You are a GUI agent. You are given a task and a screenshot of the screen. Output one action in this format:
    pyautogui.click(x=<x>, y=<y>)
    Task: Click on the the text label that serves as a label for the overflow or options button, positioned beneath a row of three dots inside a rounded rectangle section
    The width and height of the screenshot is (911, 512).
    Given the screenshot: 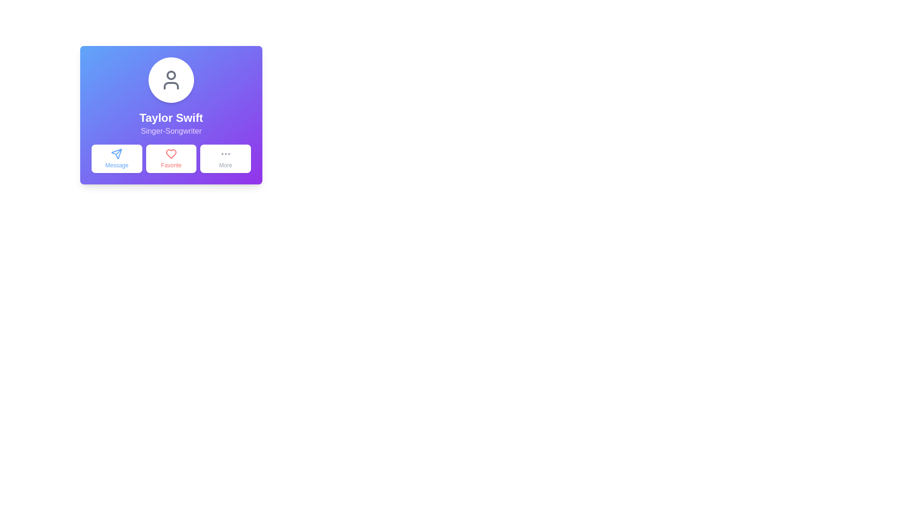 What is the action you would take?
    pyautogui.click(x=225, y=165)
    